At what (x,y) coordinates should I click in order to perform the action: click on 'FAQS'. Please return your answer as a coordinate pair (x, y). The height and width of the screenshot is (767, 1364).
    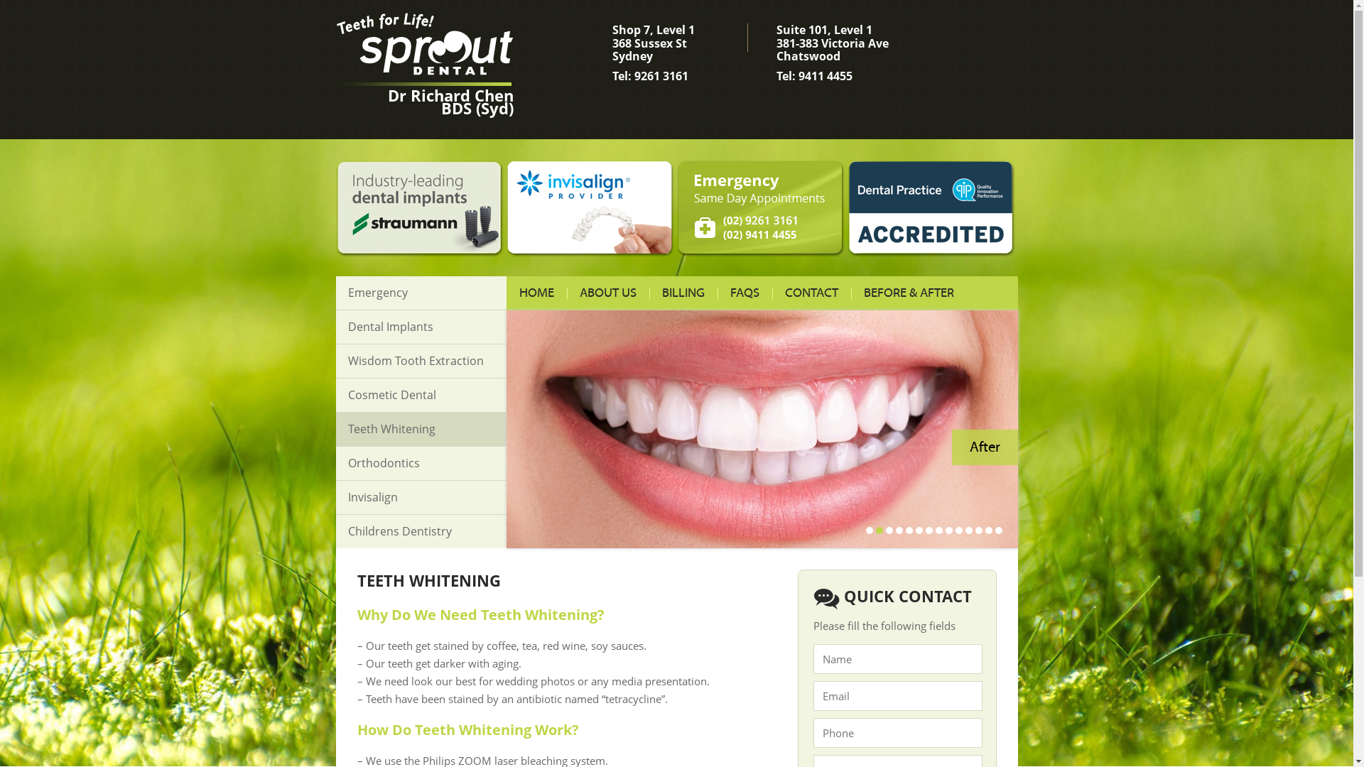
    Looking at the image, I should click on (744, 292).